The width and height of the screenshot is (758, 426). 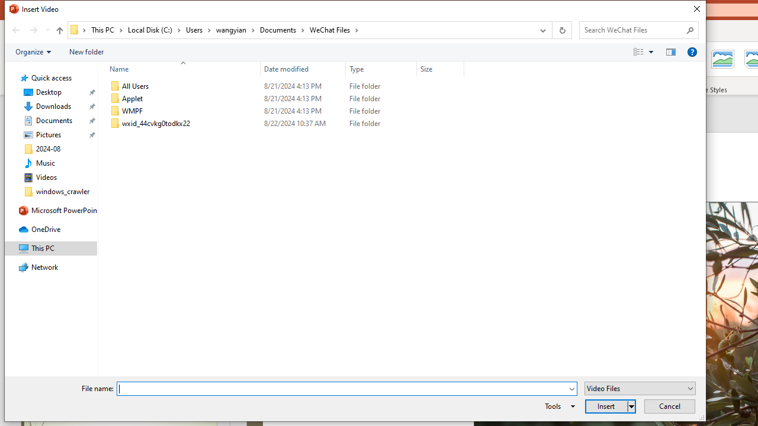 I want to click on 'Cancel', so click(x=669, y=405).